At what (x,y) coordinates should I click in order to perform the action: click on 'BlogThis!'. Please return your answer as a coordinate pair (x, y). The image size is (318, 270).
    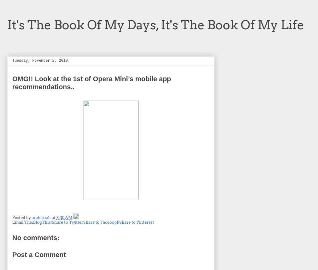
    Looking at the image, I should click on (42, 222).